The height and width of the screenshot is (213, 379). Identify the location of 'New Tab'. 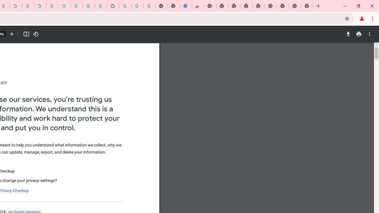
(307, 6).